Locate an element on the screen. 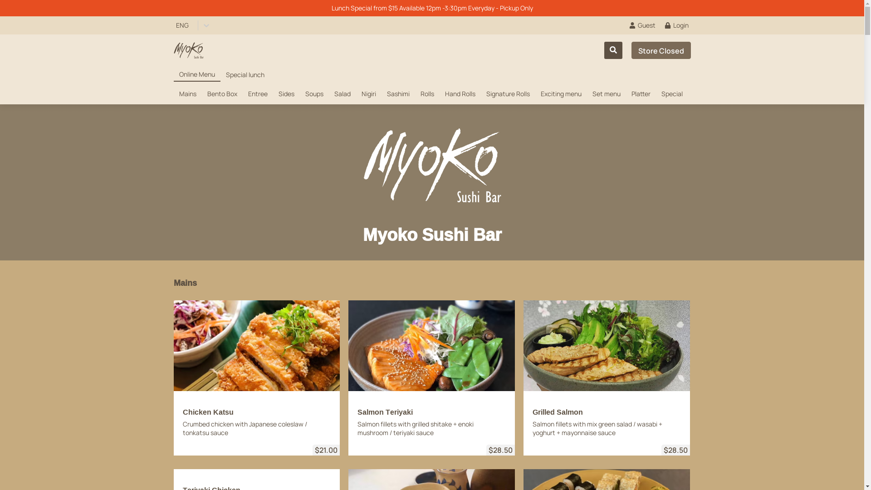 This screenshot has height=490, width=871. 'Store Closed' is located at coordinates (661, 50).